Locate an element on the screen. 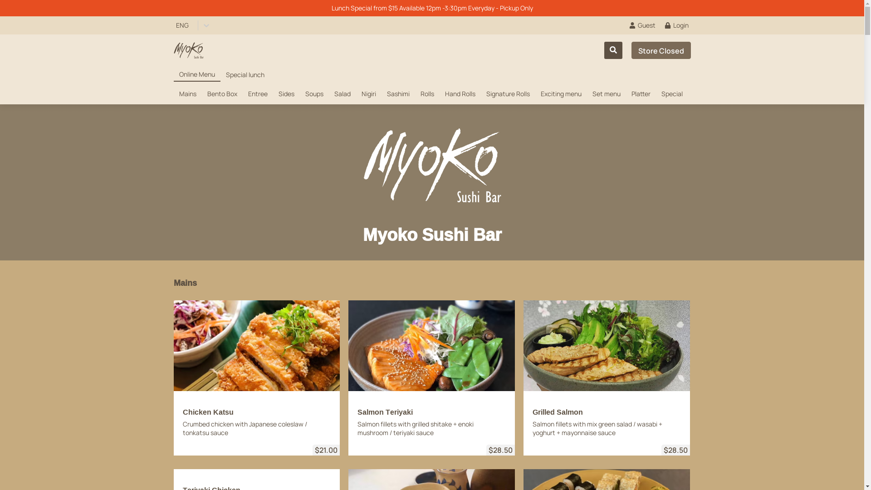 This screenshot has height=490, width=871. 'Store Closed' is located at coordinates (661, 50).